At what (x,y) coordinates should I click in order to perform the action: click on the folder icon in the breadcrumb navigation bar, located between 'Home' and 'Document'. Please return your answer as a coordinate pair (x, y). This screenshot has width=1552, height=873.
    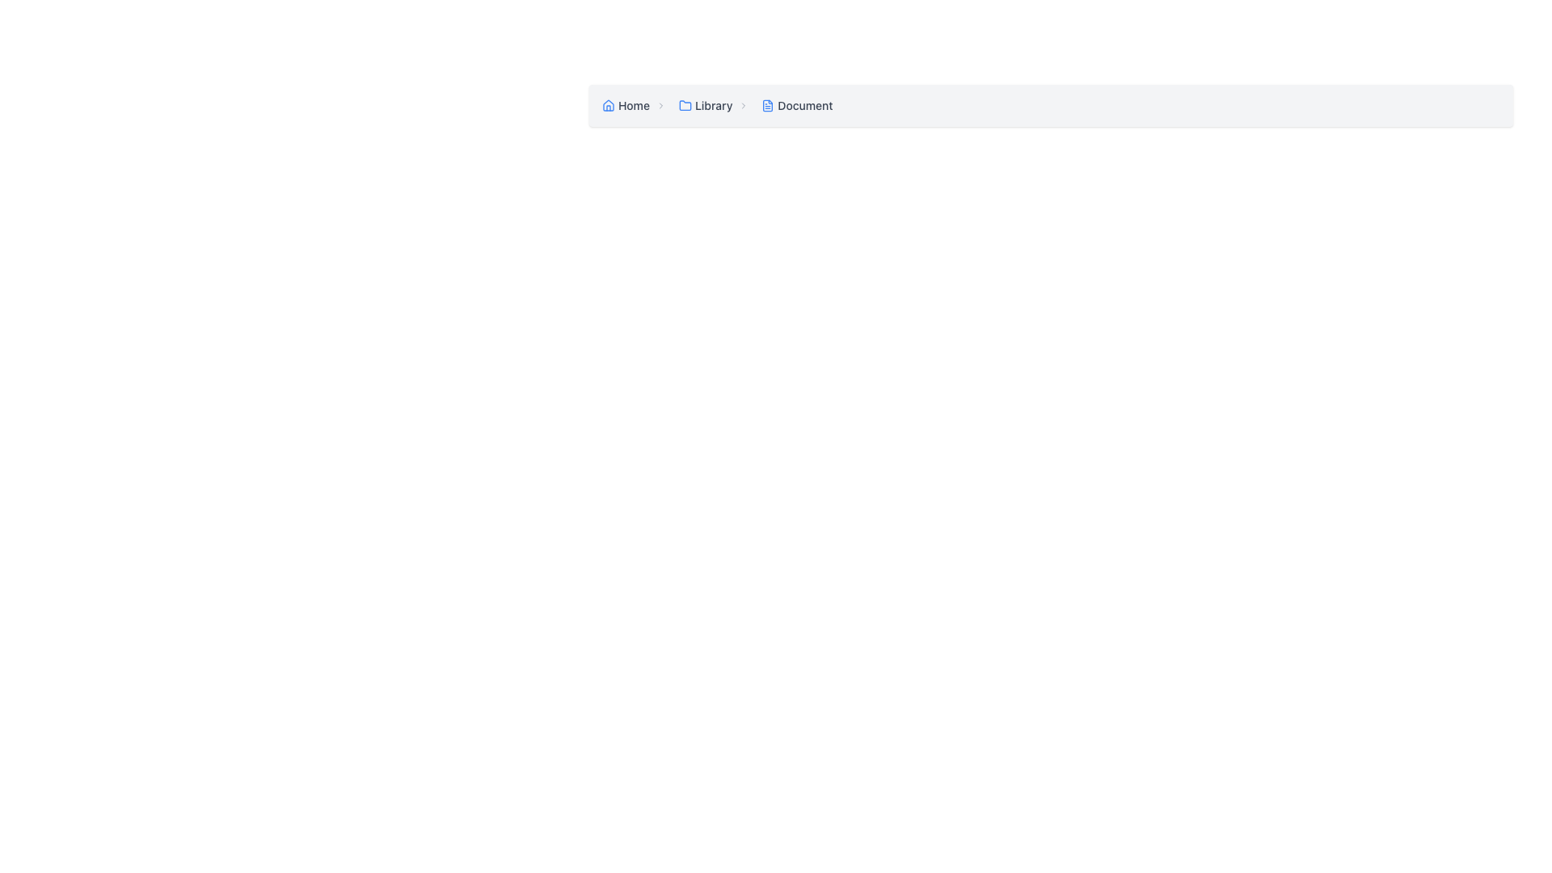
    Looking at the image, I should click on (685, 105).